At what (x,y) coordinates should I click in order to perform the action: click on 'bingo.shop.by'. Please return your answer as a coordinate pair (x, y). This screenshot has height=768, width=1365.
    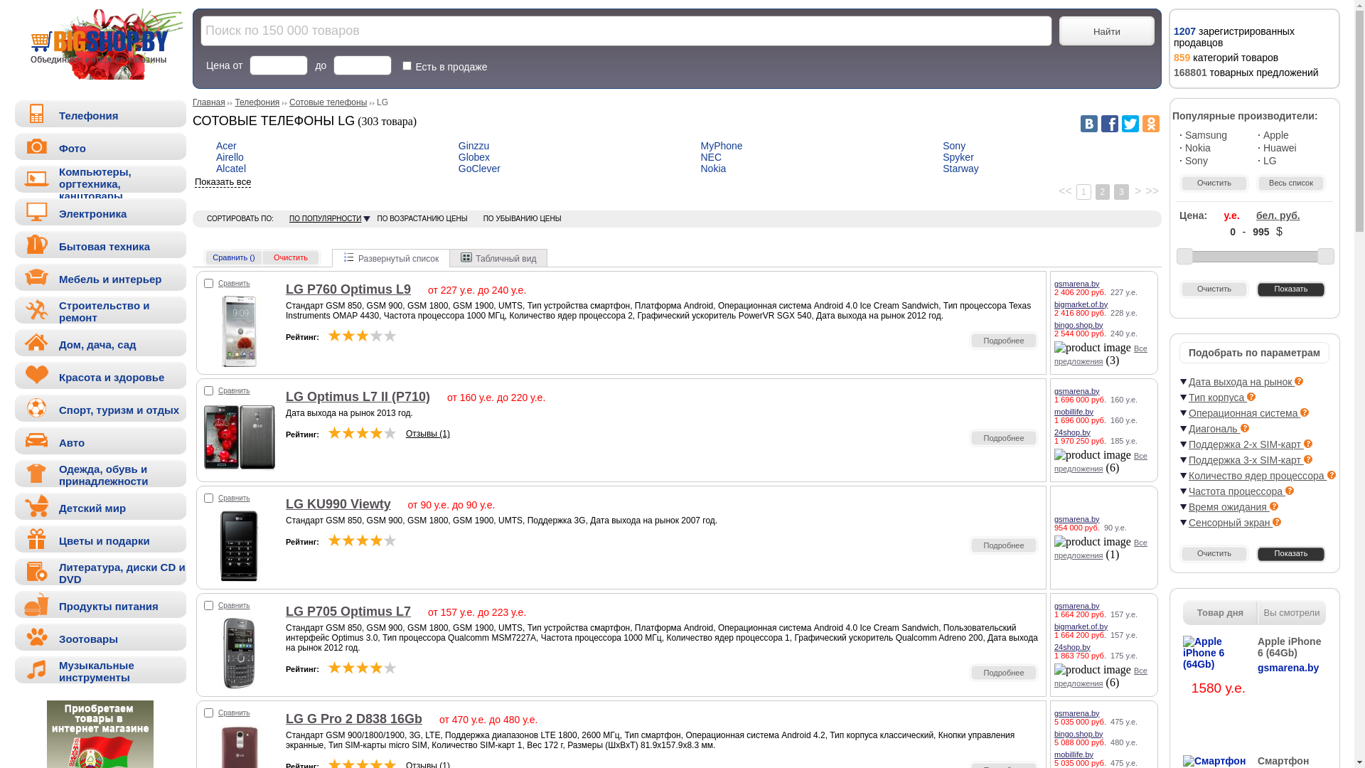
    Looking at the image, I should click on (1078, 734).